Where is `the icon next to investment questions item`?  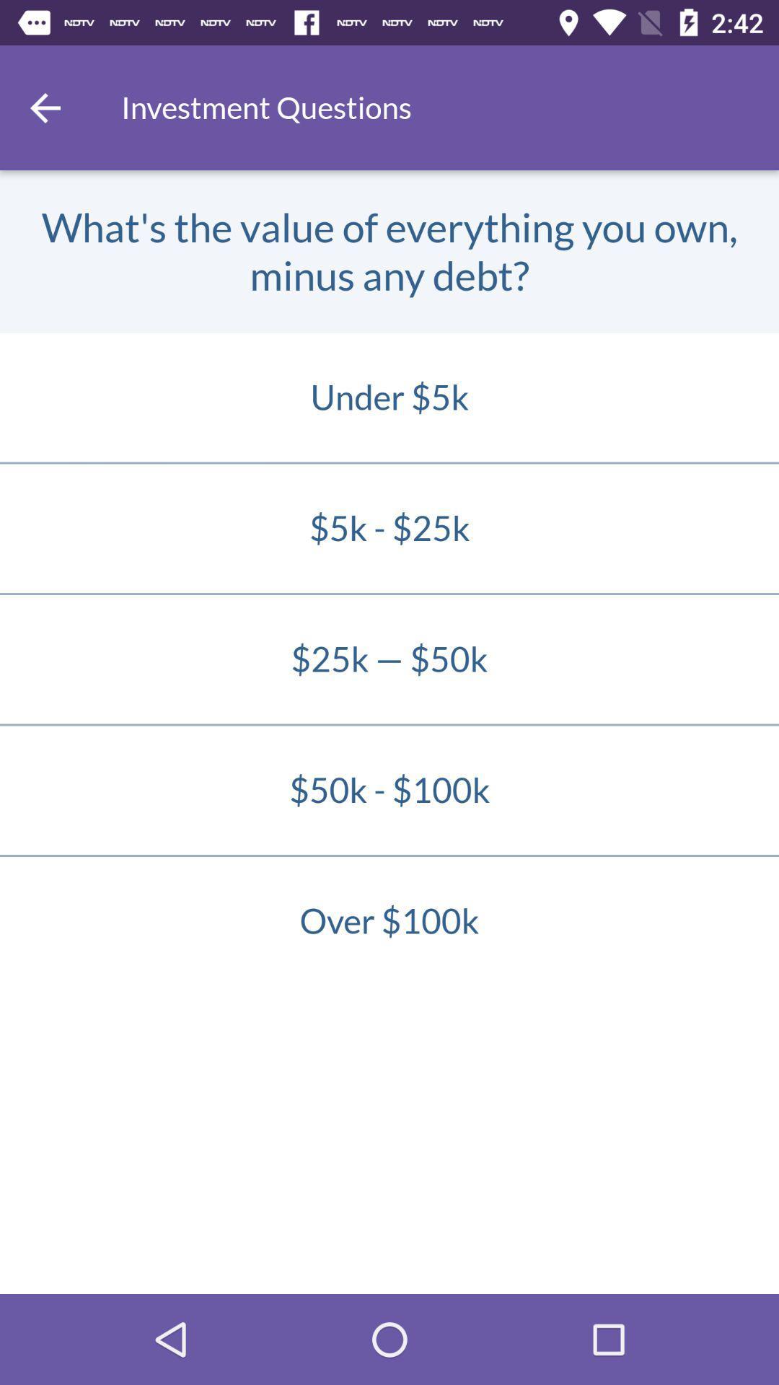 the icon next to investment questions item is located at coordinates (44, 107).